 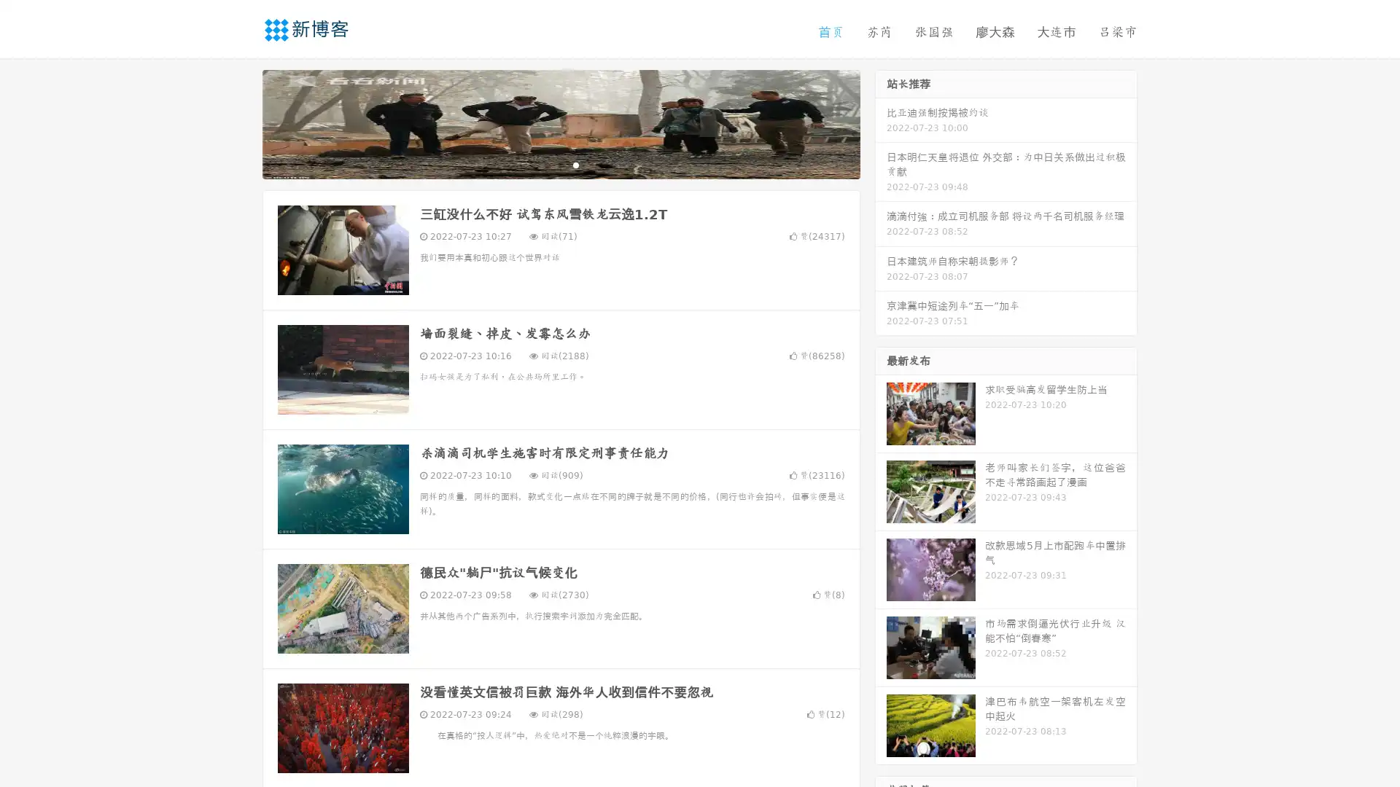 What do you see at coordinates (545, 164) in the screenshot?
I see `Go to slide 1` at bounding box center [545, 164].